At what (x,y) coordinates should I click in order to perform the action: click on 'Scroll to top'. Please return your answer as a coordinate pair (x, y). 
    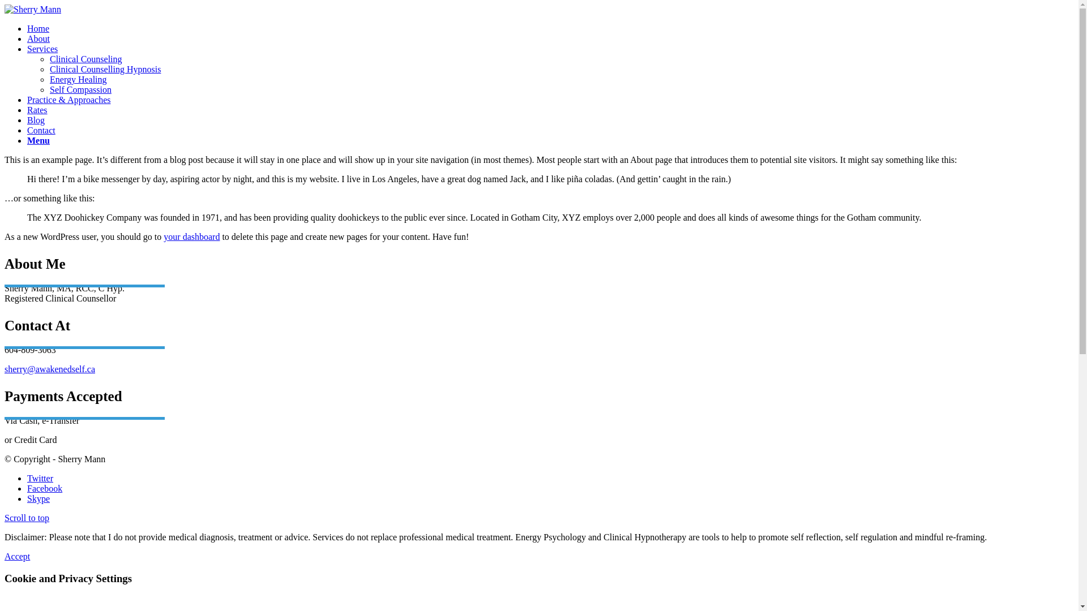
    Looking at the image, I should click on (27, 518).